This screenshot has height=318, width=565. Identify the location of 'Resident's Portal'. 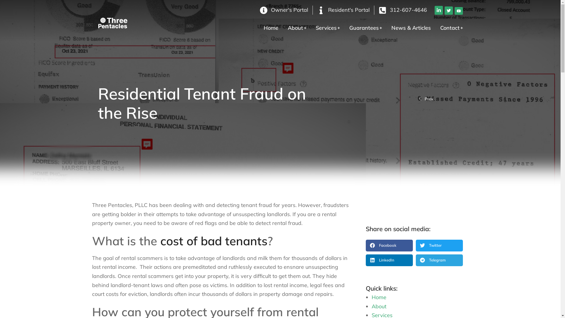
(343, 10).